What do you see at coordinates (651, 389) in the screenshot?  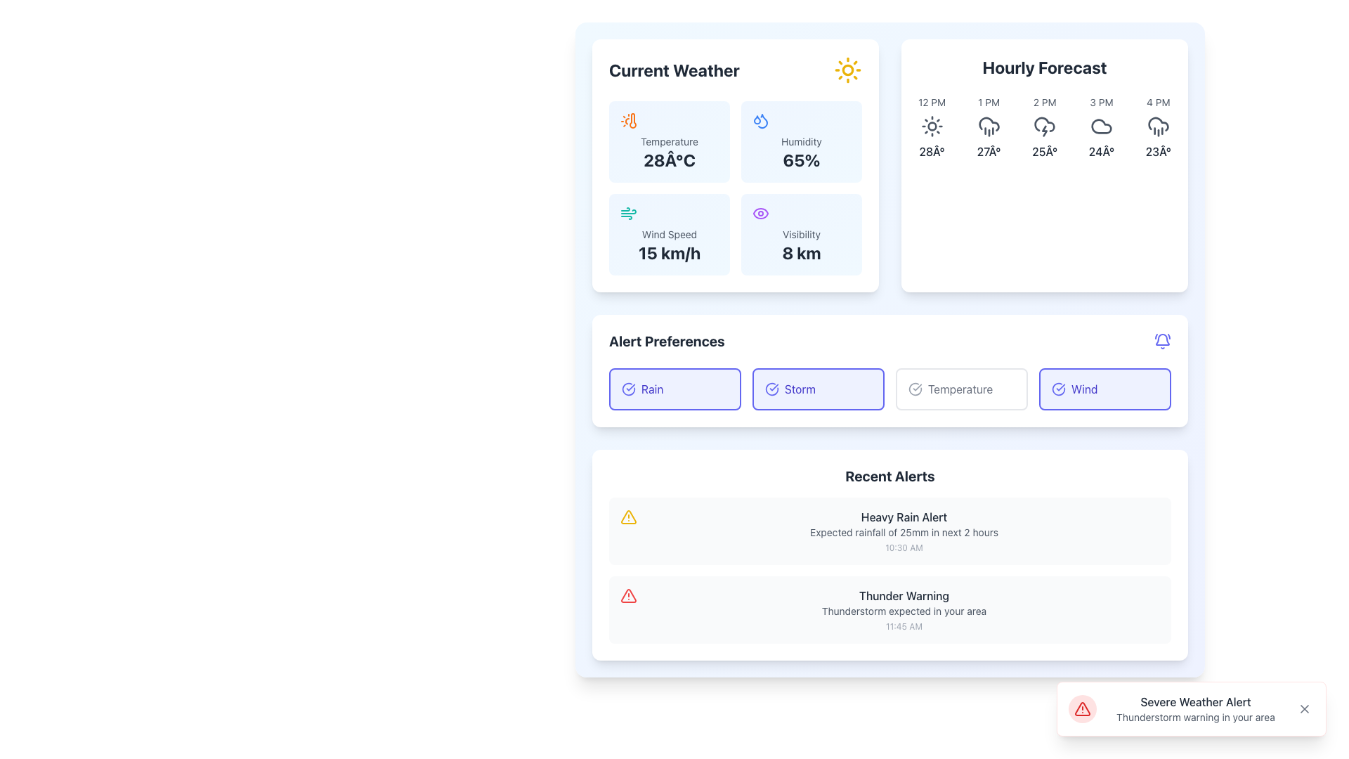 I see `the 'Rain' text label in the alert preferences section, which is the first option in a row of alert options including 'Storm,' 'Temperature,' and 'Wind.'` at bounding box center [651, 389].